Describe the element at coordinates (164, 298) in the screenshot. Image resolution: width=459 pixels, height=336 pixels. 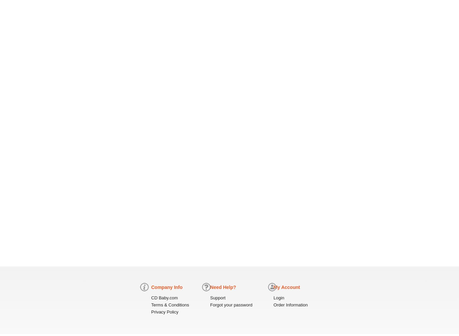
I see `'CD Baby.com'` at that location.